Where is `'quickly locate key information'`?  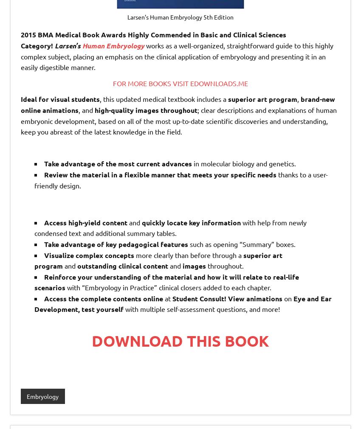
'quickly locate key information' is located at coordinates (140, 222).